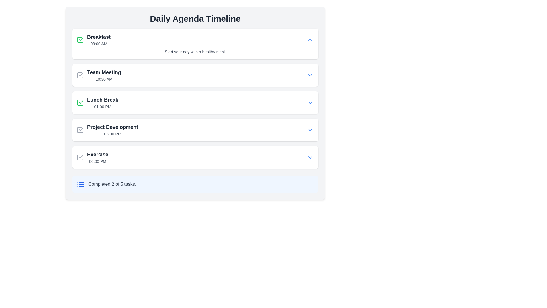  What do you see at coordinates (113, 127) in the screenshot?
I see `text label that identifies the 'Project Development' activity, which is the fourth entry in the 'Daily Agenda Timeline' layout, located above the '03:00 PM' text` at bounding box center [113, 127].